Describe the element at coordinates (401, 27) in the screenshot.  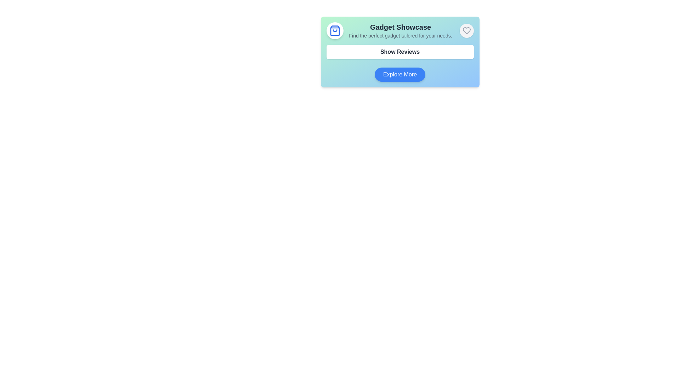
I see `the bold, large-sized text block labeled 'Gadget Showcase'` at that location.